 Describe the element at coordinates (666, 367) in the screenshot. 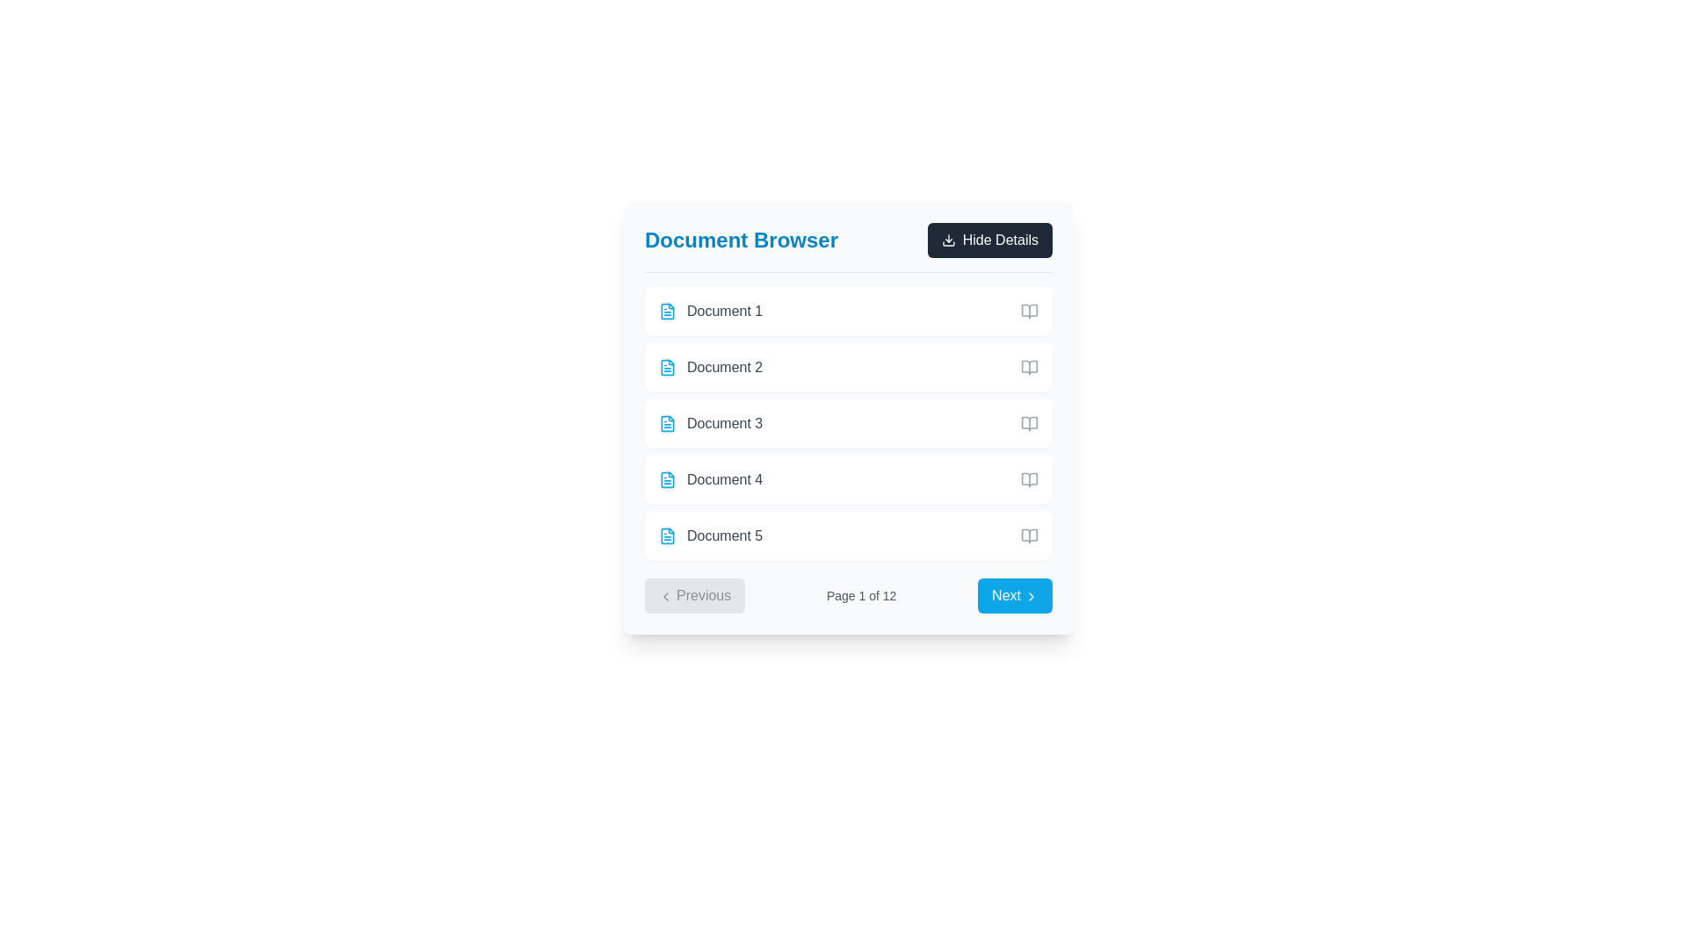

I see `the small light blue document icon with a text-like pattern, located to the left of the 'Document 2' text in the Document Browser list` at that location.